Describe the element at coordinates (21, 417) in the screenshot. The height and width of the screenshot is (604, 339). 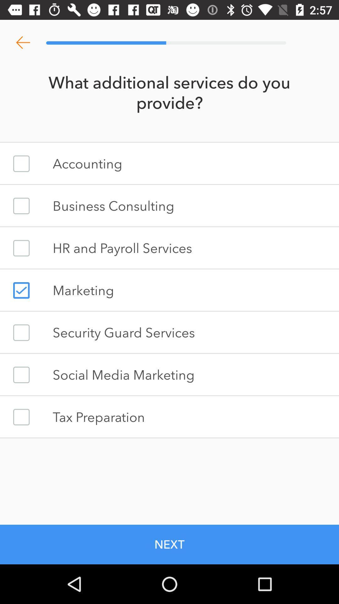
I see `check tax preparation option` at that location.